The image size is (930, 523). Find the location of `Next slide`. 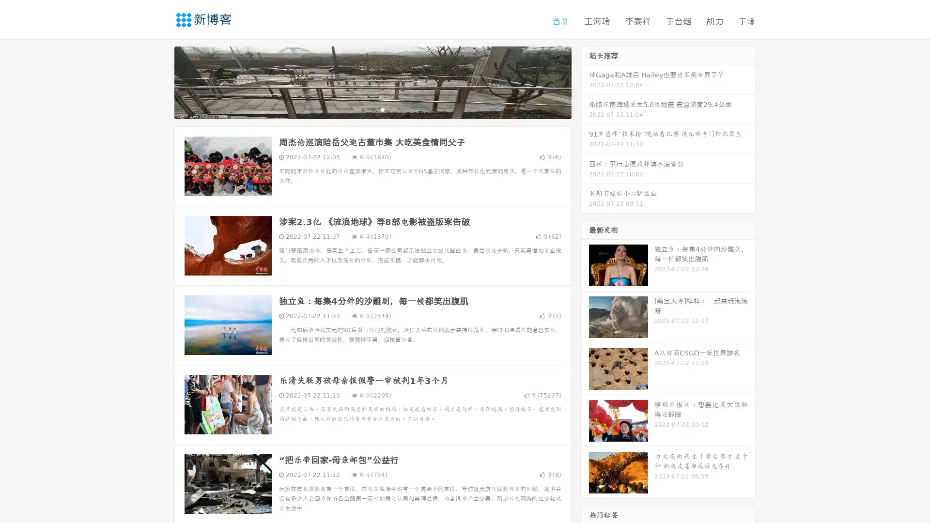

Next slide is located at coordinates (585, 81).